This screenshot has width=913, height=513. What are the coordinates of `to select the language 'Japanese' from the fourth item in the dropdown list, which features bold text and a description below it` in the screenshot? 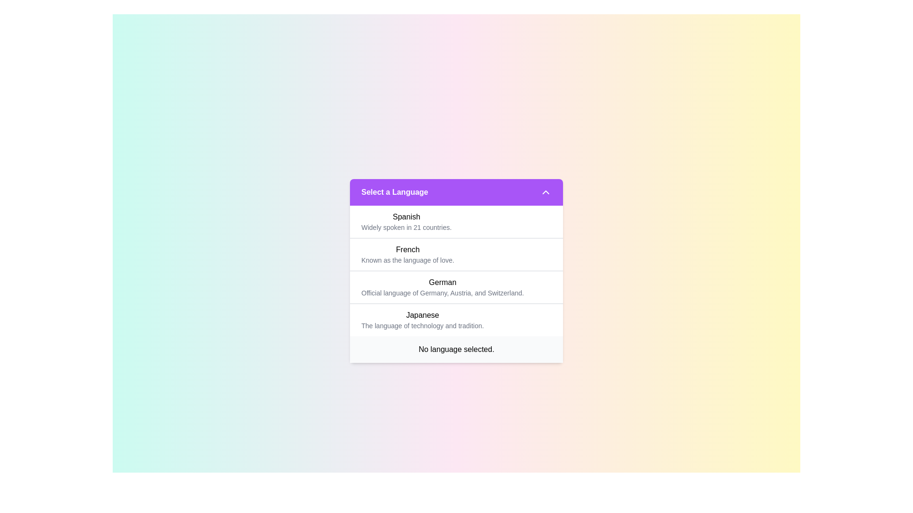 It's located at (456, 319).